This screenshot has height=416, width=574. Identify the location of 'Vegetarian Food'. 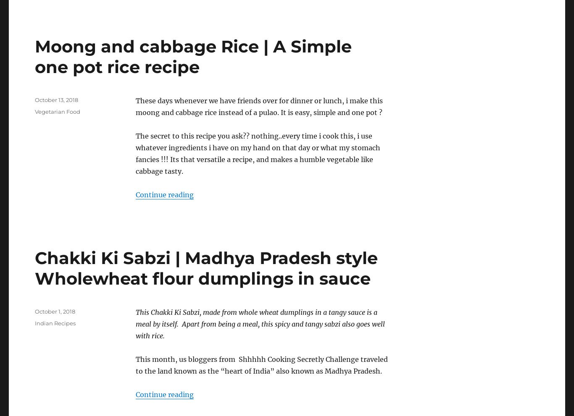
(57, 111).